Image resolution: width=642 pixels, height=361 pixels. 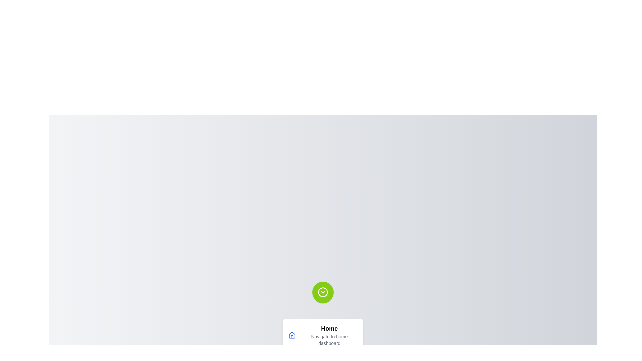 What do you see at coordinates (323, 292) in the screenshot?
I see `the menu button to trigger the hover animation effect` at bounding box center [323, 292].